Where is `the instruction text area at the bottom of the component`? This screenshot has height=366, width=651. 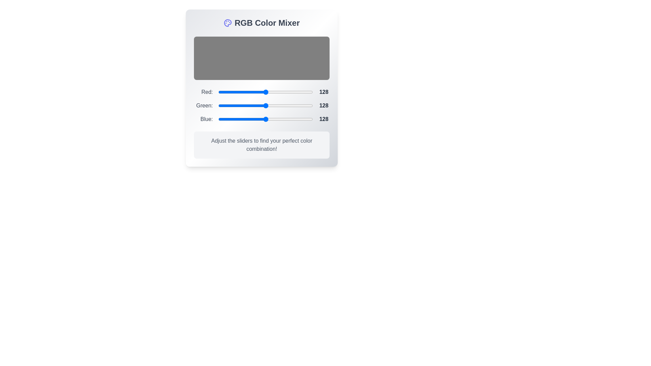 the instruction text area at the bottom of the component is located at coordinates (261, 145).